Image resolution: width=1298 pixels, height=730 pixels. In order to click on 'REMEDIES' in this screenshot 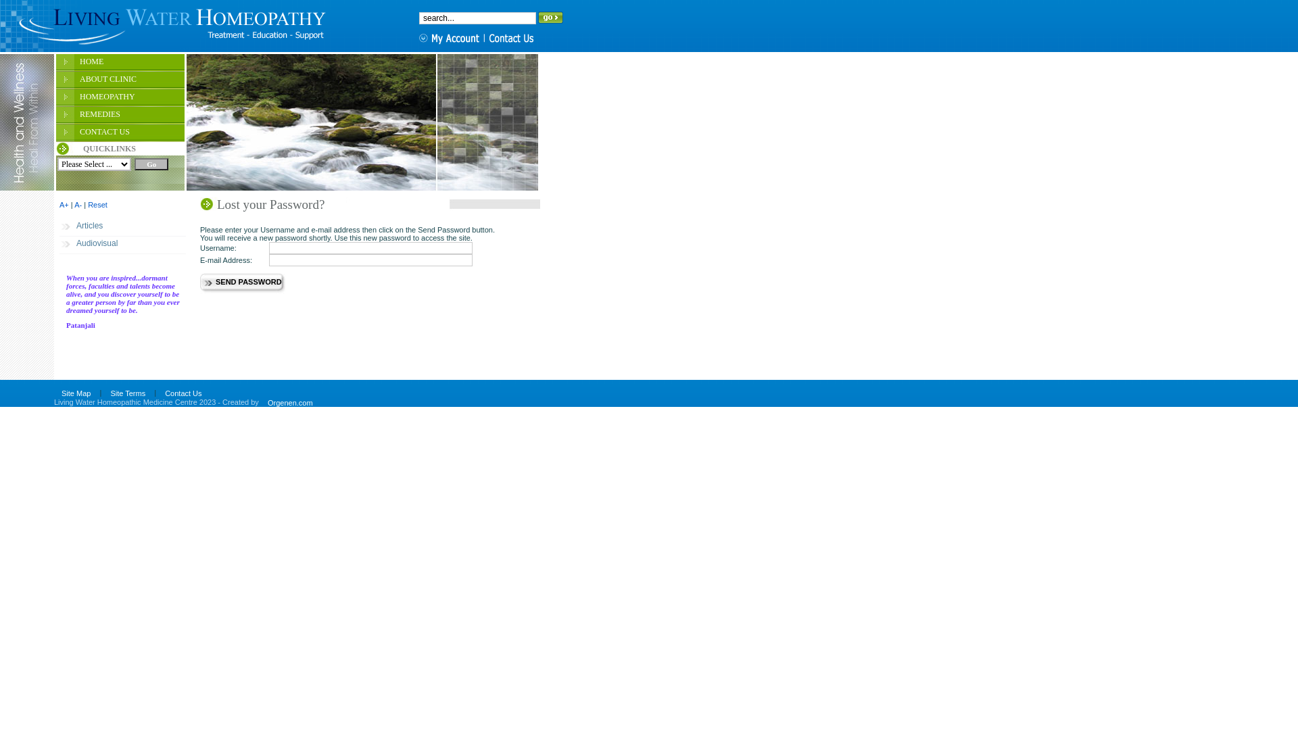, I will do `click(120, 114)`.